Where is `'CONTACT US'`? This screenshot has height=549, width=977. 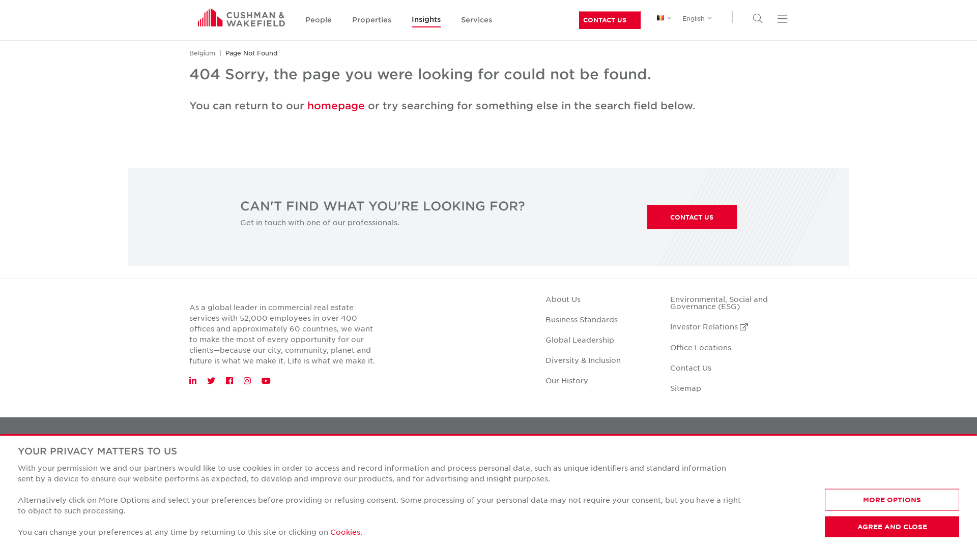 'CONTACT US' is located at coordinates (692, 217).